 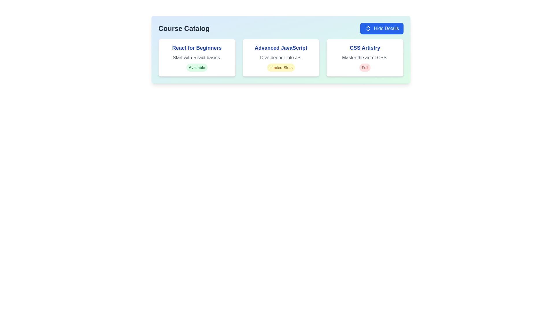 What do you see at coordinates (197, 47) in the screenshot?
I see `the text label which serves as the title for the course card located at the top-left of the card set` at bounding box center [197, 47].